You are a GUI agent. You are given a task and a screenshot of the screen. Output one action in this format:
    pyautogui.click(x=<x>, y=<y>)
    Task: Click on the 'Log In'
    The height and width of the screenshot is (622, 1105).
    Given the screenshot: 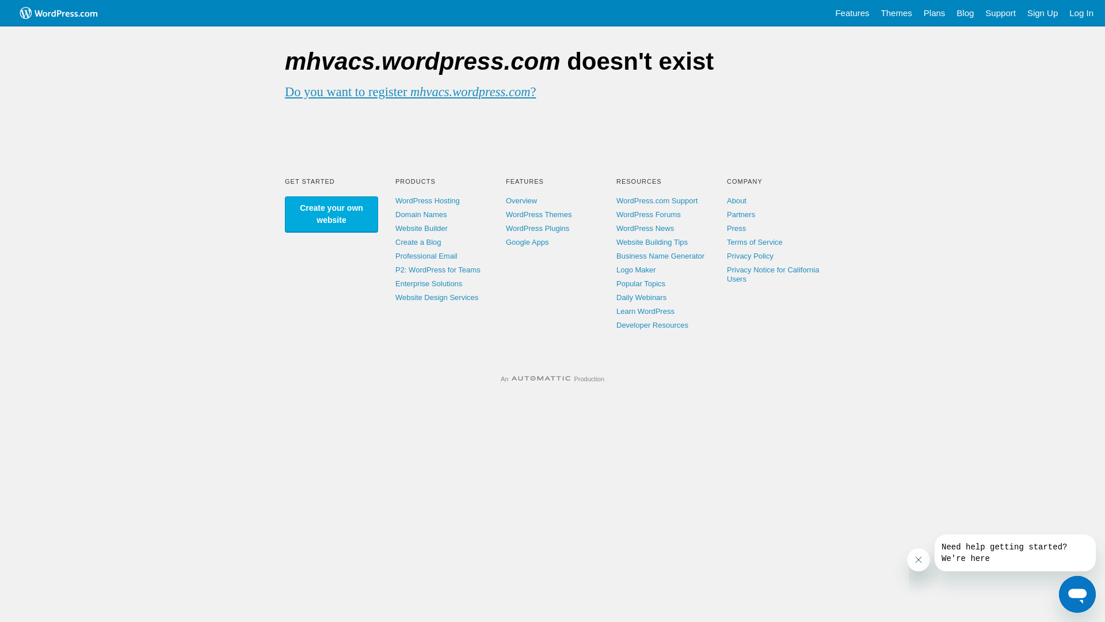 What is the action you would take?
    pyautogui.click(x=1080, y=13)
    